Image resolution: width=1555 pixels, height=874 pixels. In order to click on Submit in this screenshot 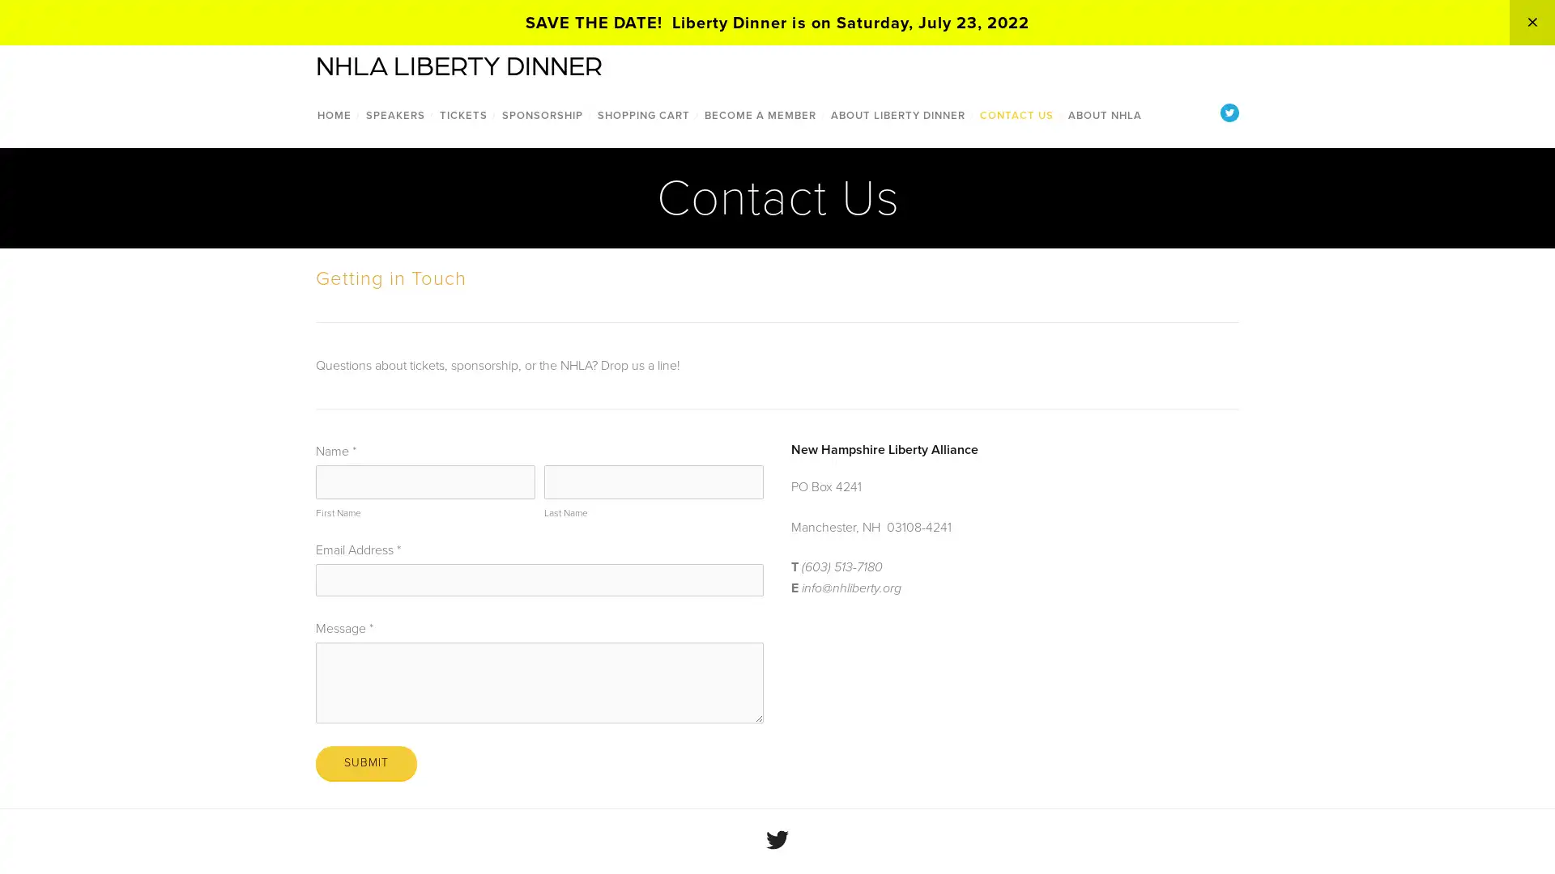, I will do `click(365, 762)`.